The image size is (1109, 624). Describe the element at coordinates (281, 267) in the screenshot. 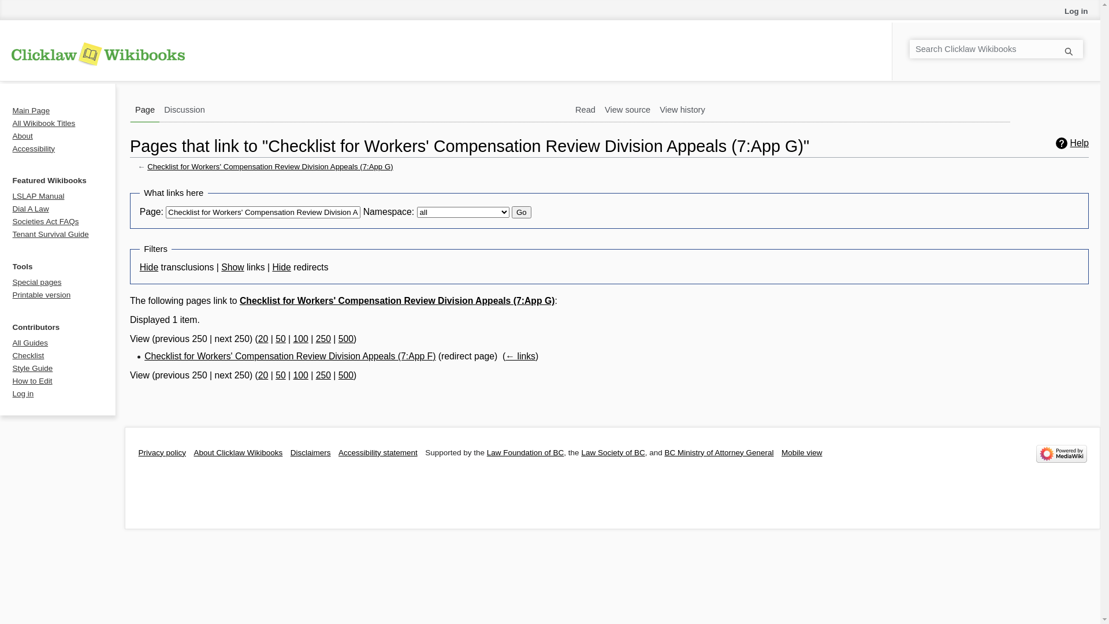

I see `'Hide'` at that location.